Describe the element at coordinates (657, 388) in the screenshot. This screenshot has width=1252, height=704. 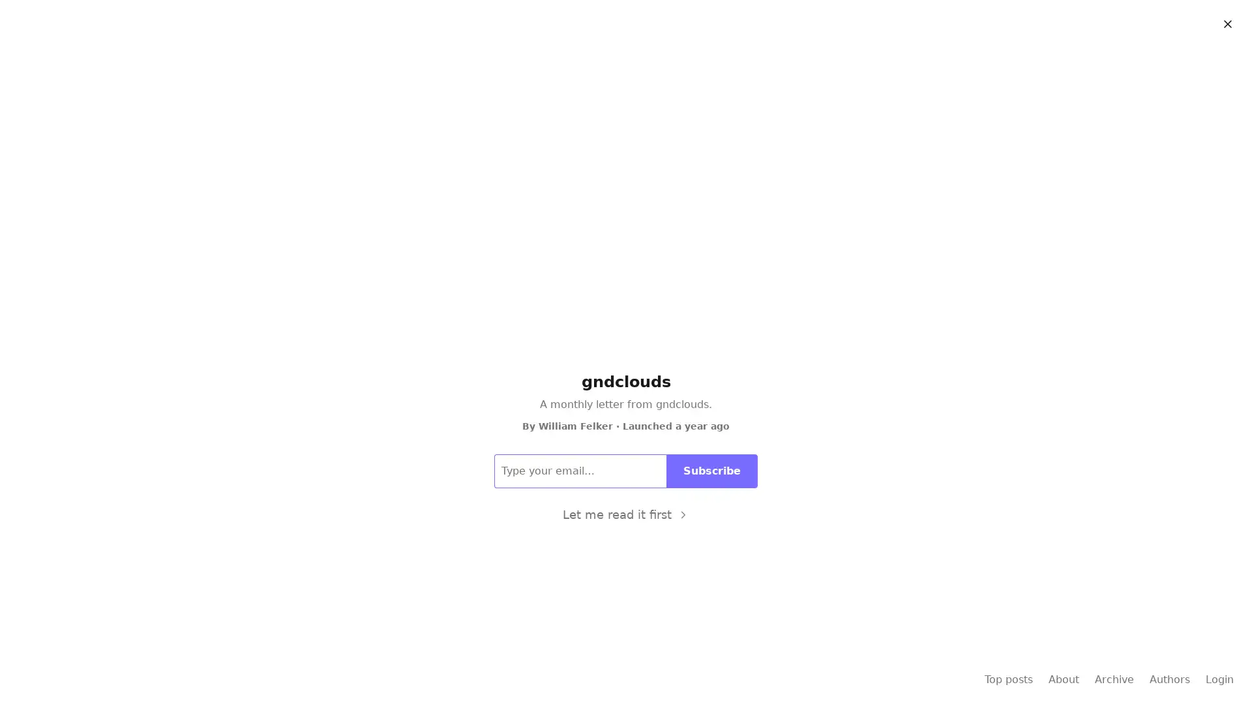
I see `1` at that location.